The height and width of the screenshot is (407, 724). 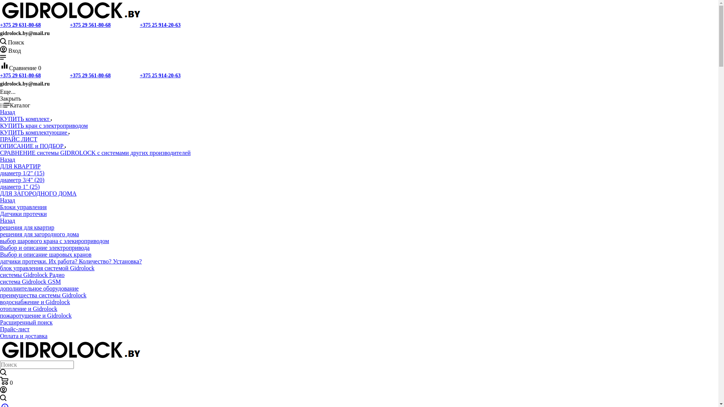 I want to click on '+375 25 914-20-63', so click(x=160, y=75).